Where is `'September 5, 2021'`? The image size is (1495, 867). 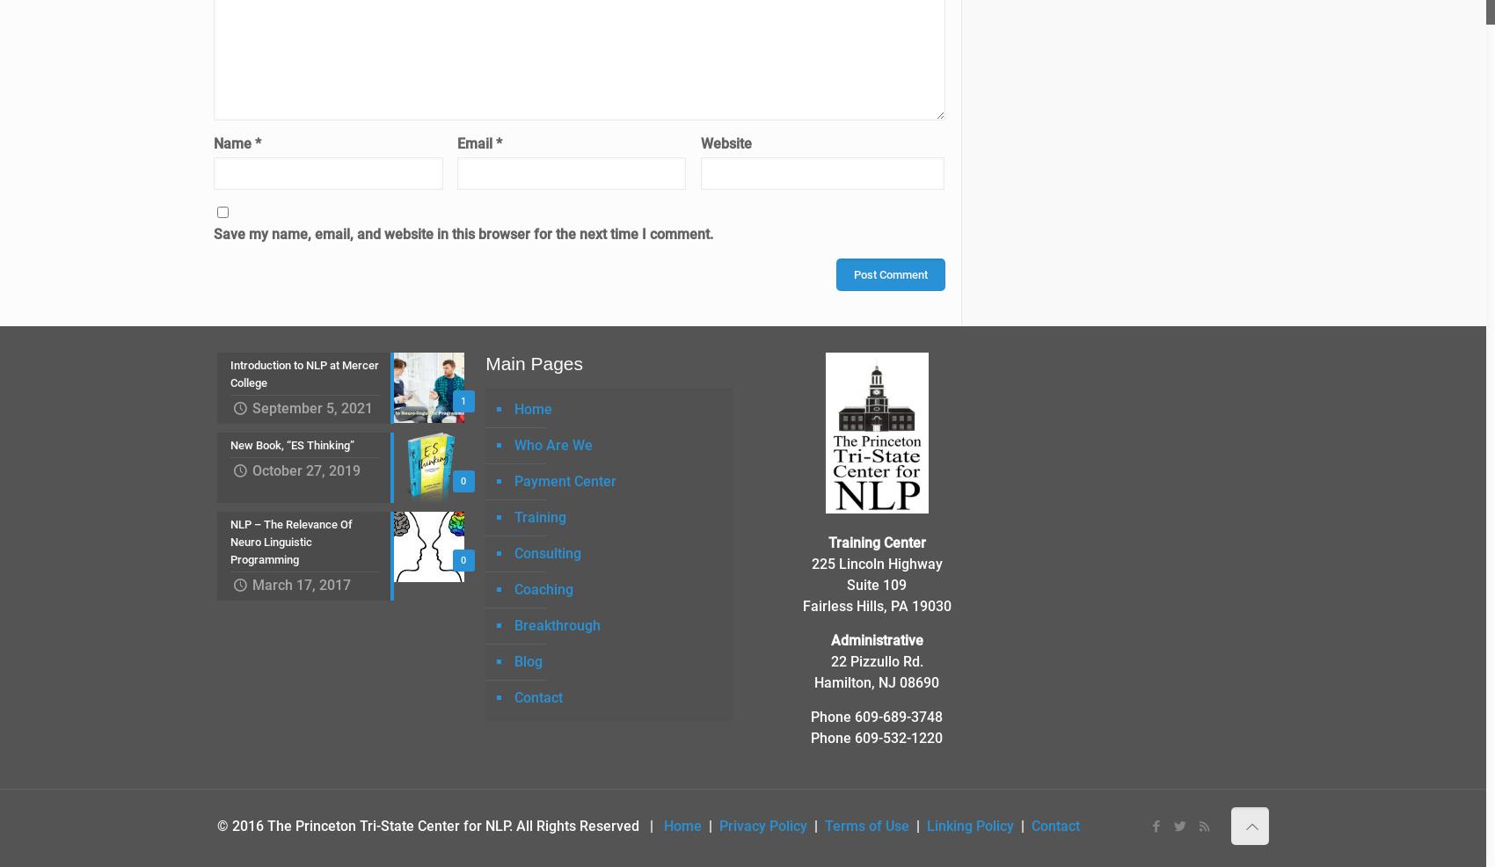
'September 5, 2021' is located at coordinates (310, 408).